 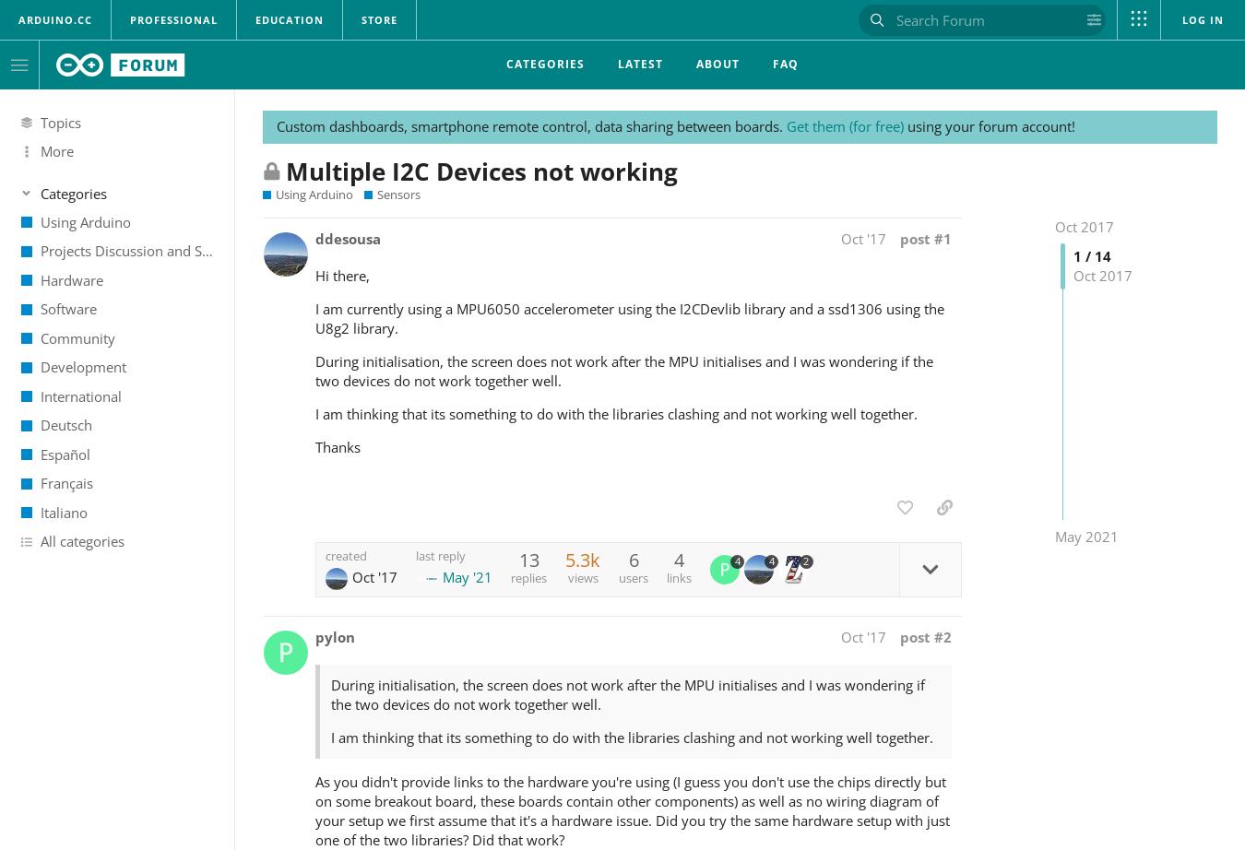 I want to click on 'cation', so click(x=277, y=19).